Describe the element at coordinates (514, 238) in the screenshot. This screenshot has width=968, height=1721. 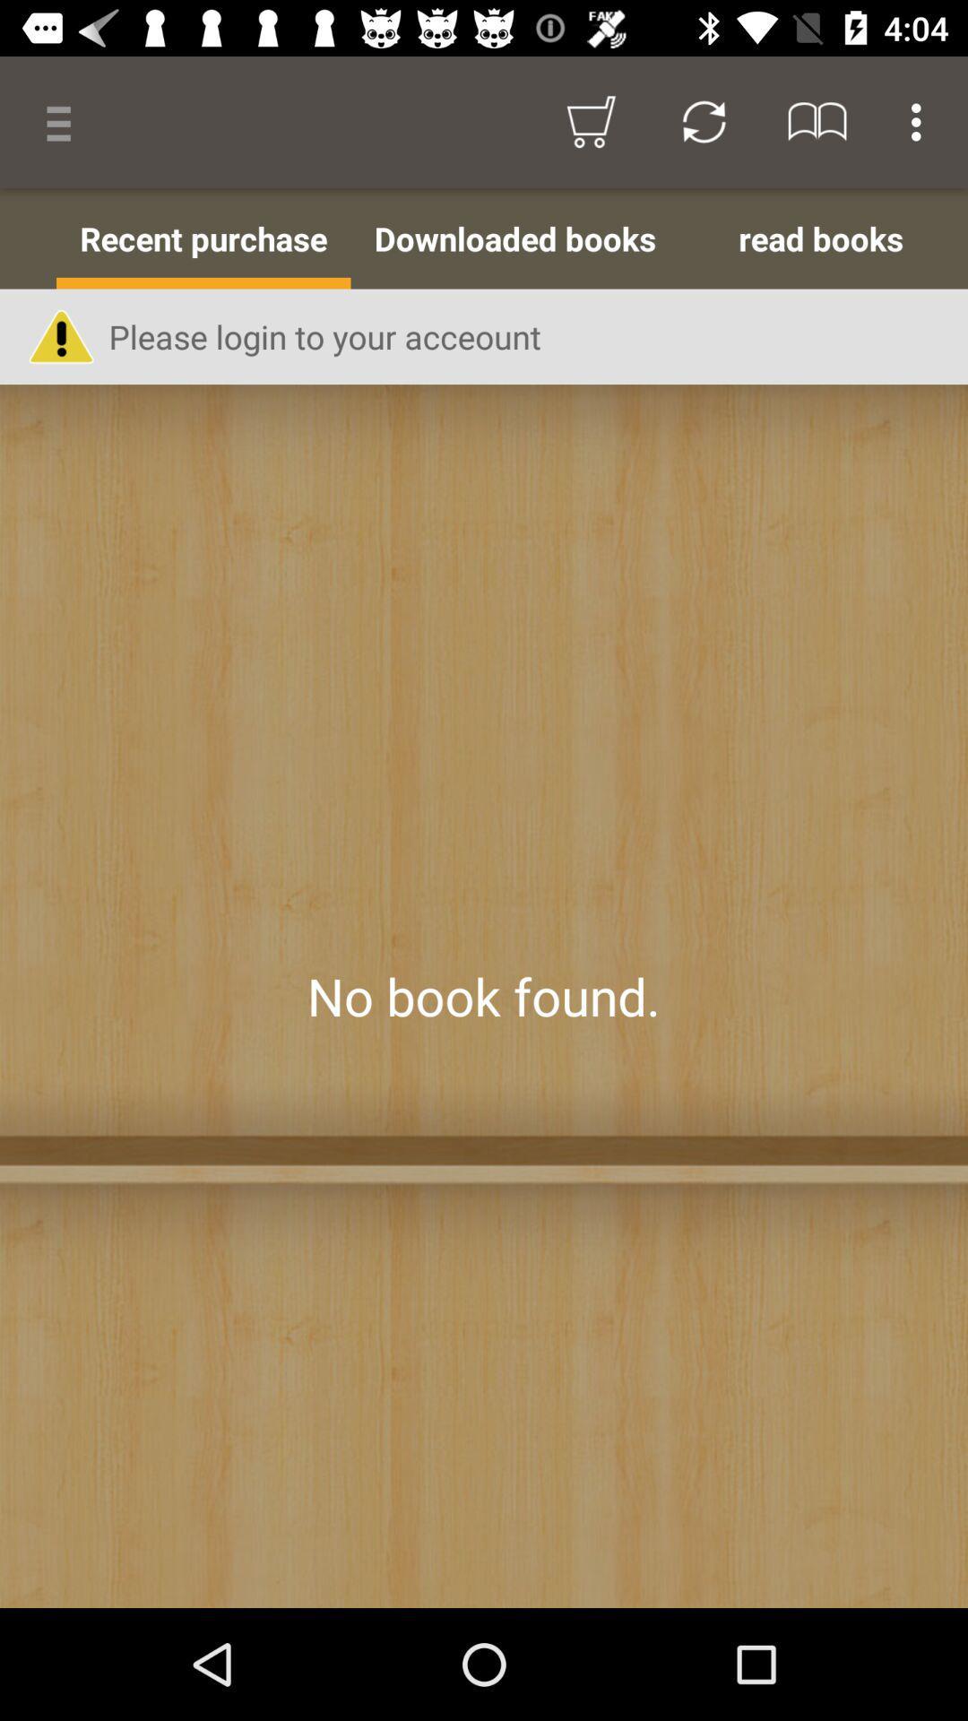
I see `icon next to recent purchase app` at that location.